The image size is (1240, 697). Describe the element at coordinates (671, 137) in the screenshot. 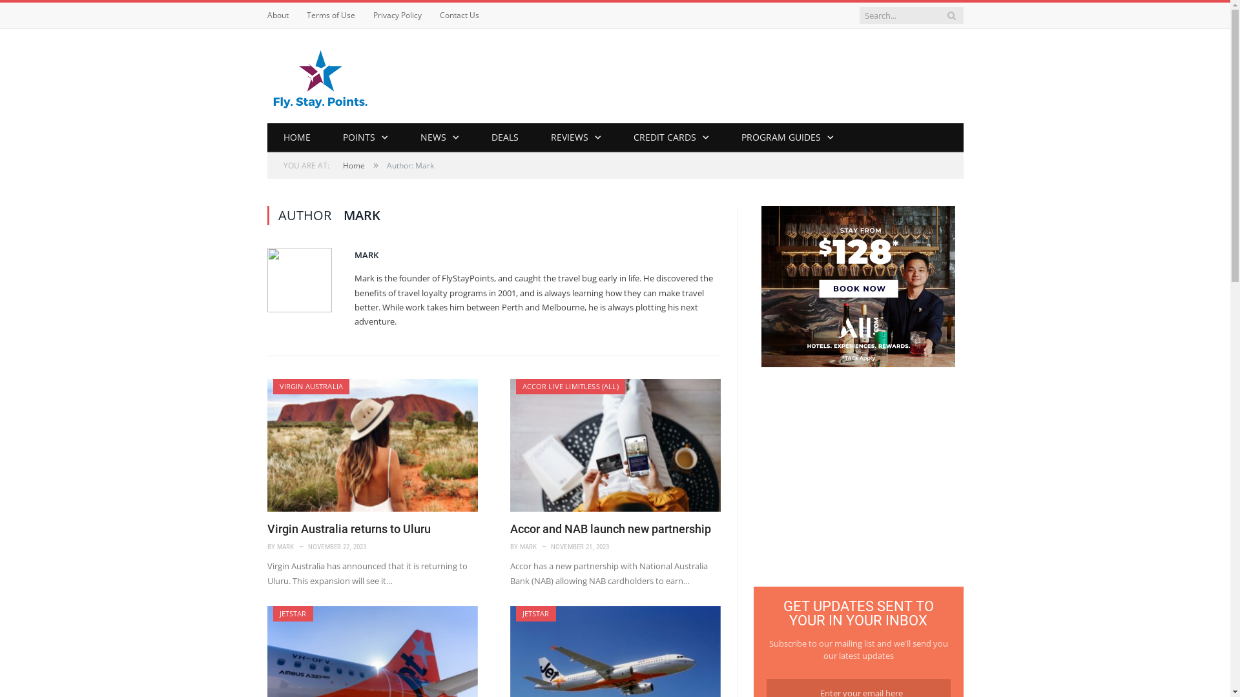

I see `'CREDIT CARDS'` at that location.